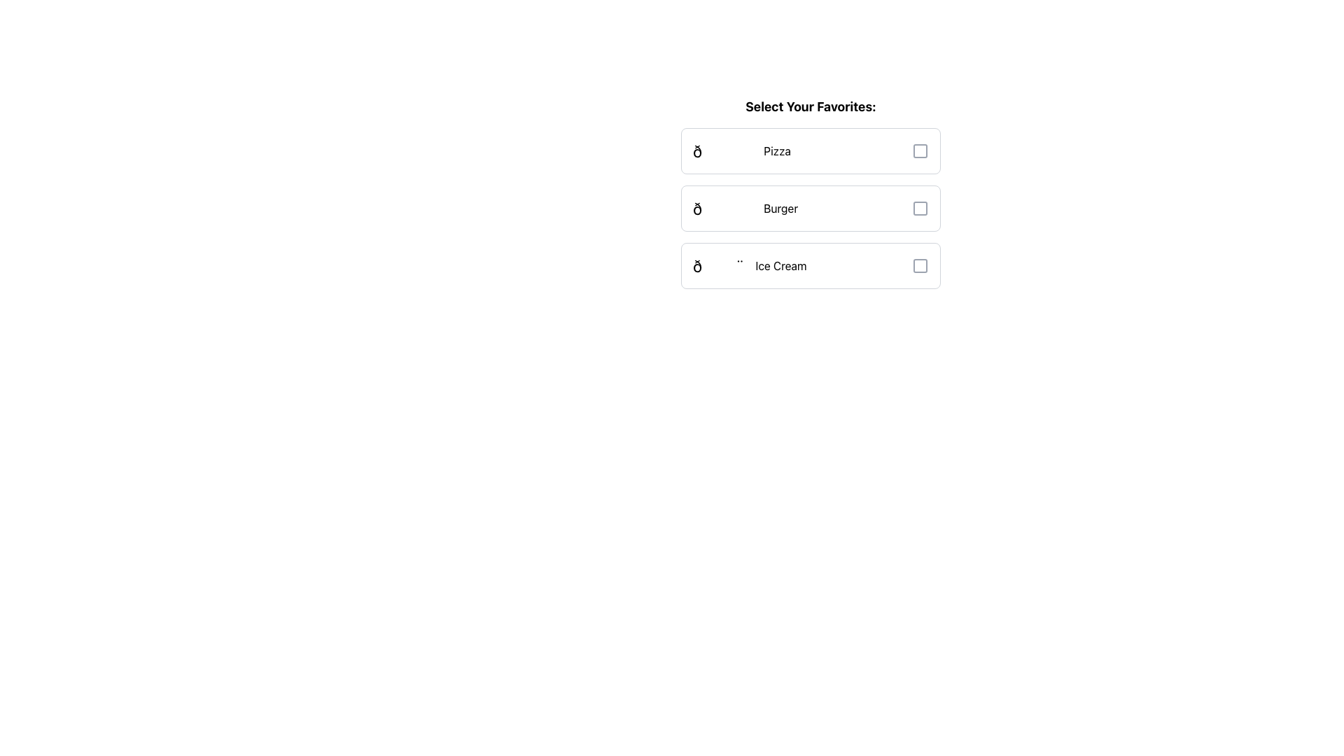 The image size is (1344, 756). Describe the element at coordinates (920, 208) in the screenshot. I see `the decorative rectangular outline or icon located to the right of the Burger label in the second row of the vertical list` at that location.